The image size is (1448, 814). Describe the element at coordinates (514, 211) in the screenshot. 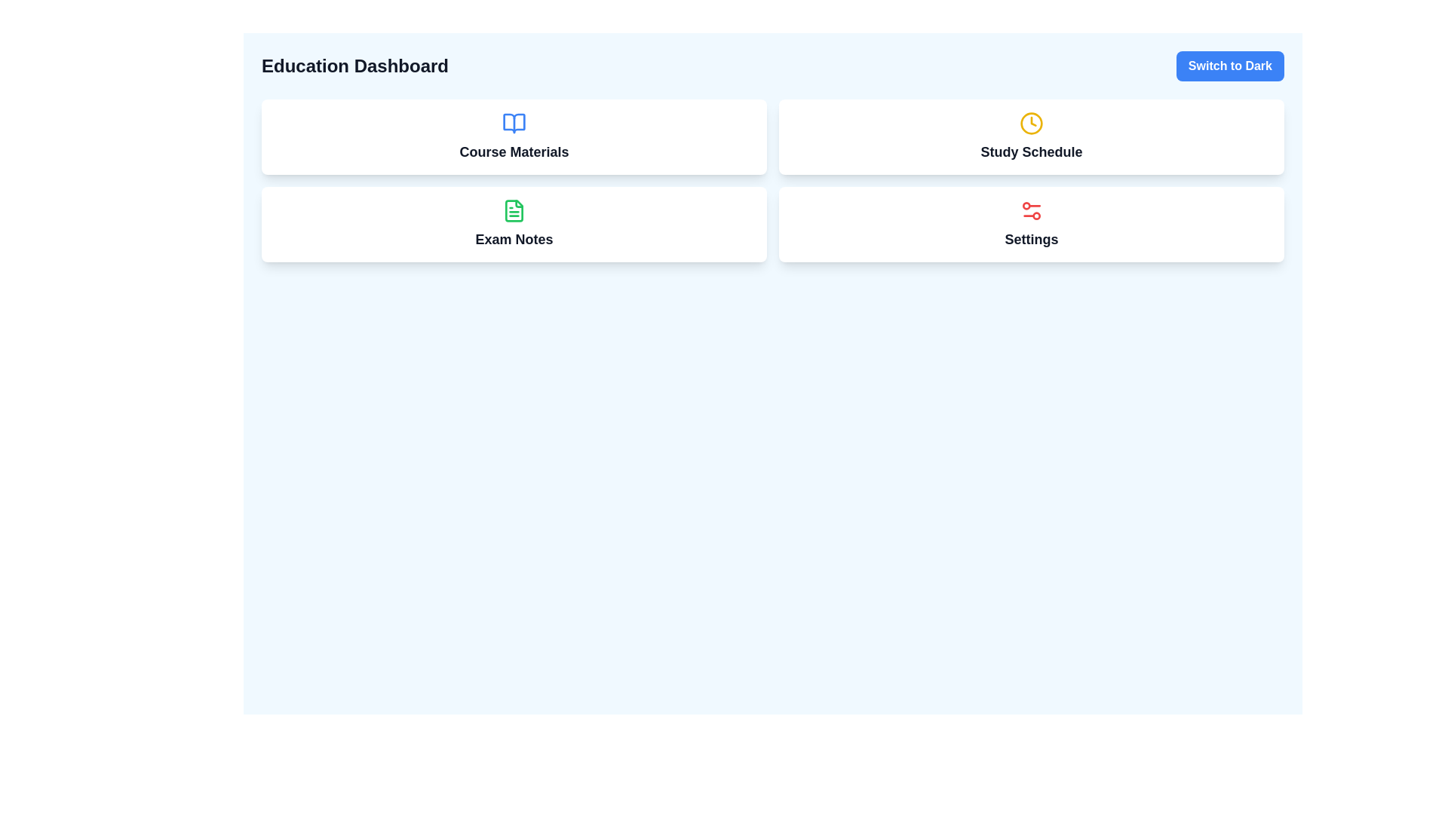

I see `the green document icon styled with rounded corners, located within the 'Exam Notes' block under the 'Education Dashboard' heading` at that location.